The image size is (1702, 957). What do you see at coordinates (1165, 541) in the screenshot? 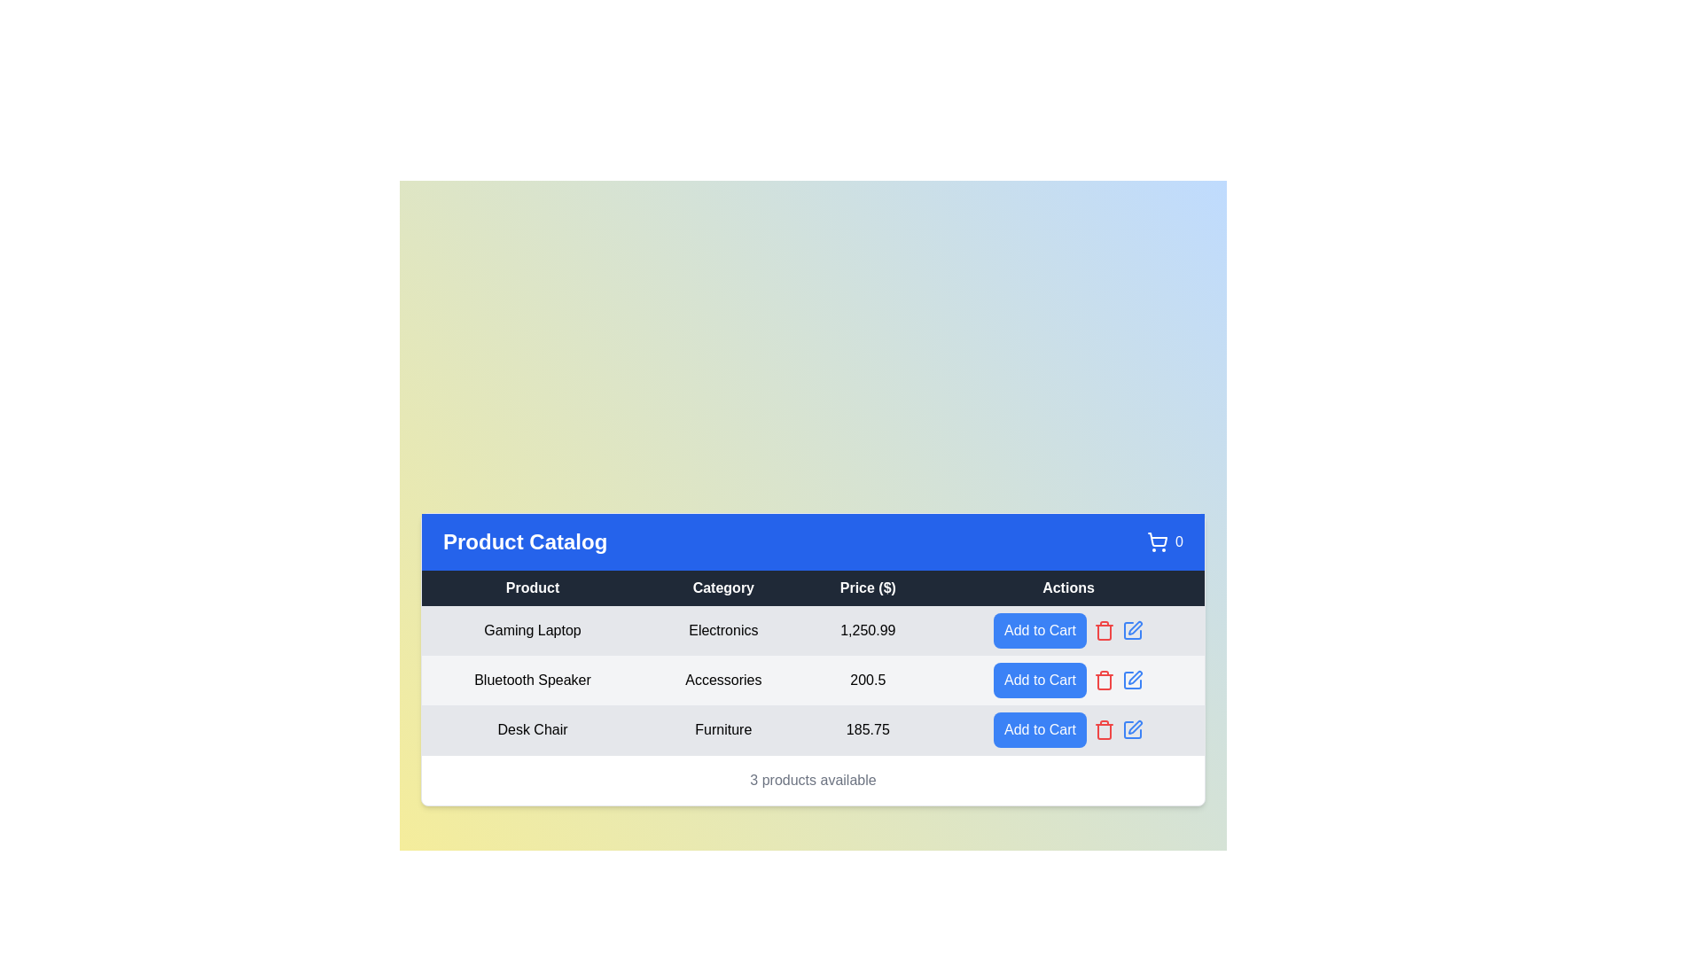
I see `the blue shopping cart icon with numeric label '0' in the top-right corner of the 'Product Catalog' header` at bounding box center [1165, 541].